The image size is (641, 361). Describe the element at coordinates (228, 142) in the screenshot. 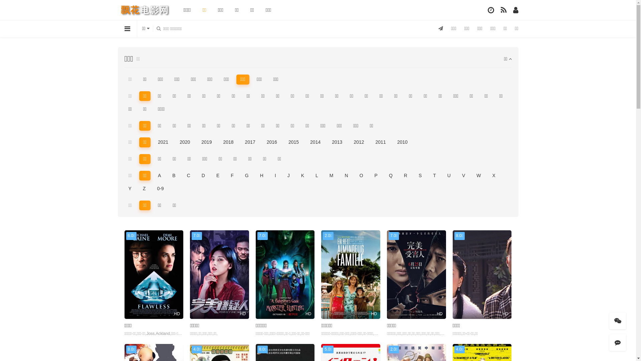

I see `'2018'` at that location.